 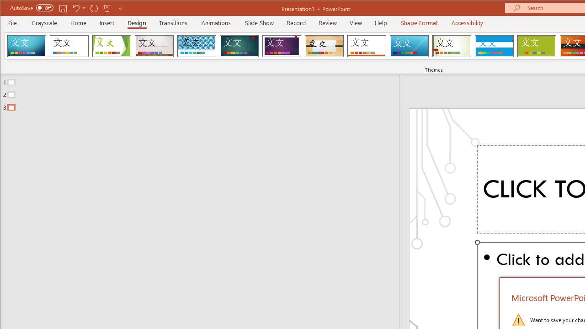 I want to click on 'Banded', so click(x=494, y=46).